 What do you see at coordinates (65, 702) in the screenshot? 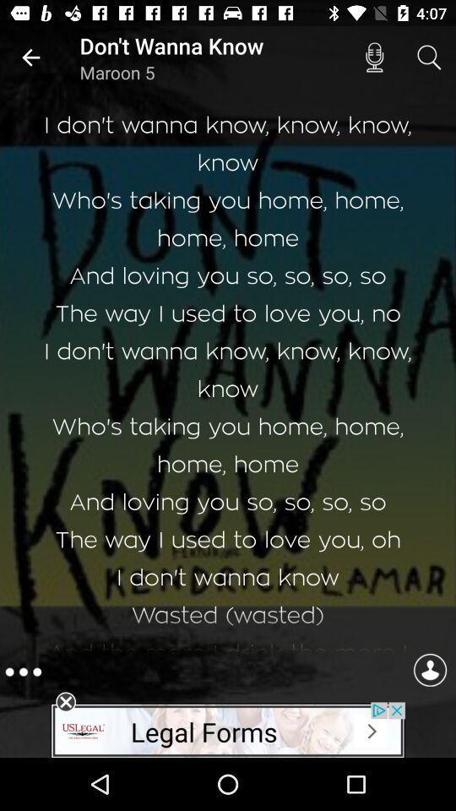
I see `the close icon` at bounding box center [65, 702].